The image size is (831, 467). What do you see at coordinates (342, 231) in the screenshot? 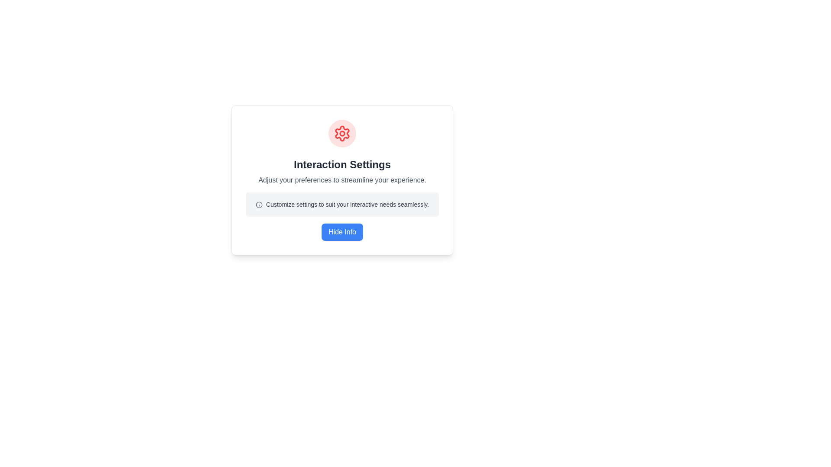
I see `the button located at the bottom center of the 'Interaction Settings' card` at bounding box center [342, 231].